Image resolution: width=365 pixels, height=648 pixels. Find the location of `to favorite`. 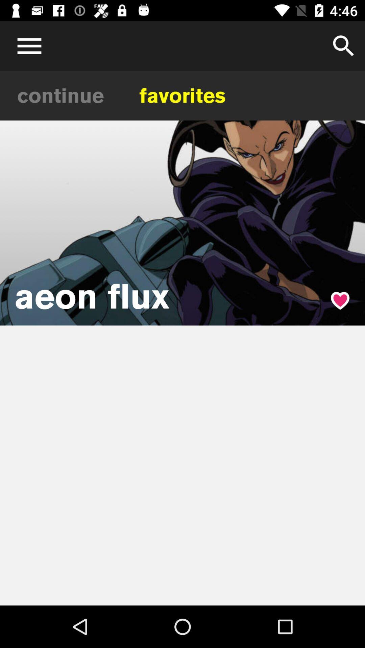

to favorite is located at coordinates (340, 300).